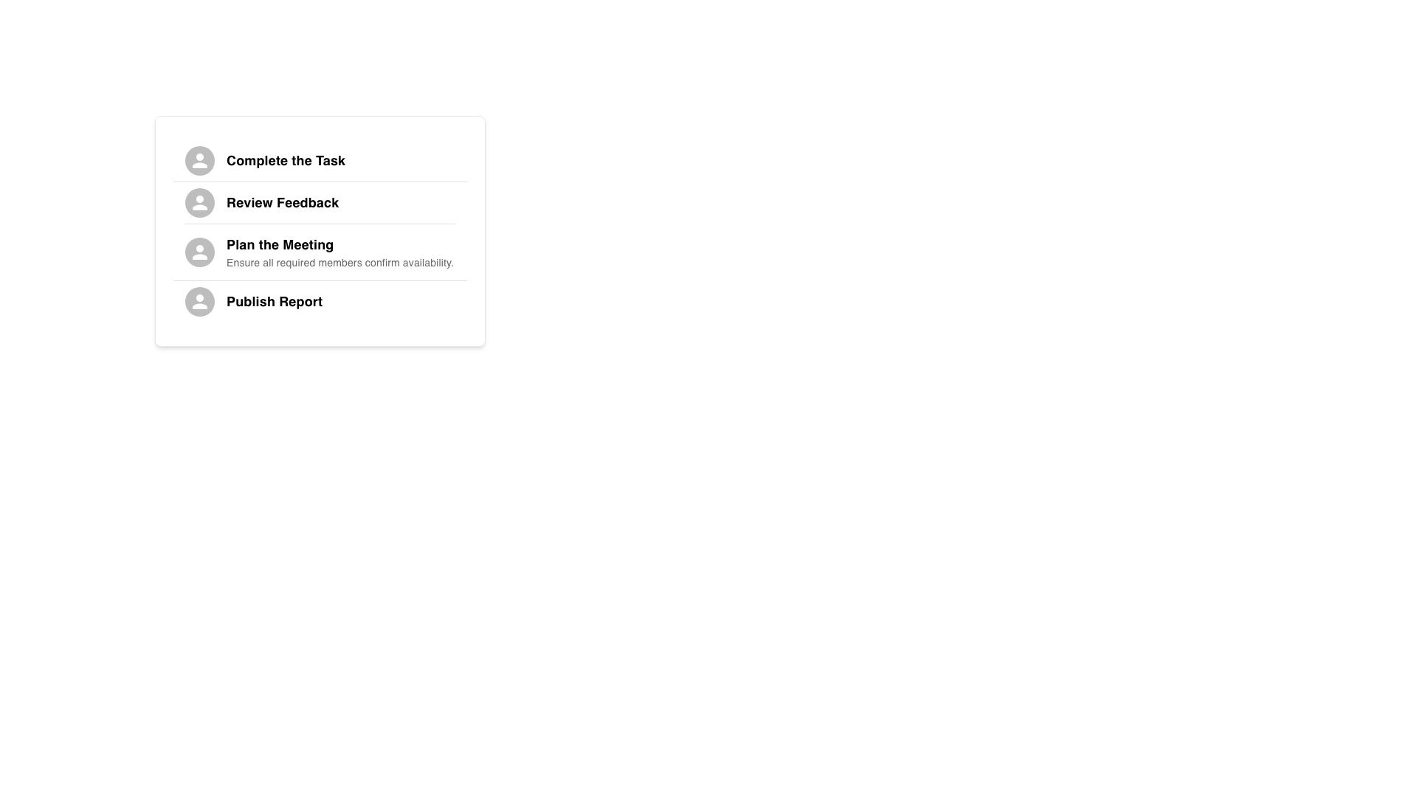  I want to click on the user avatar icon located to the left of the 'Review Feedback' text, which is the second item in the vertical list of tasks, so click(199, 202).